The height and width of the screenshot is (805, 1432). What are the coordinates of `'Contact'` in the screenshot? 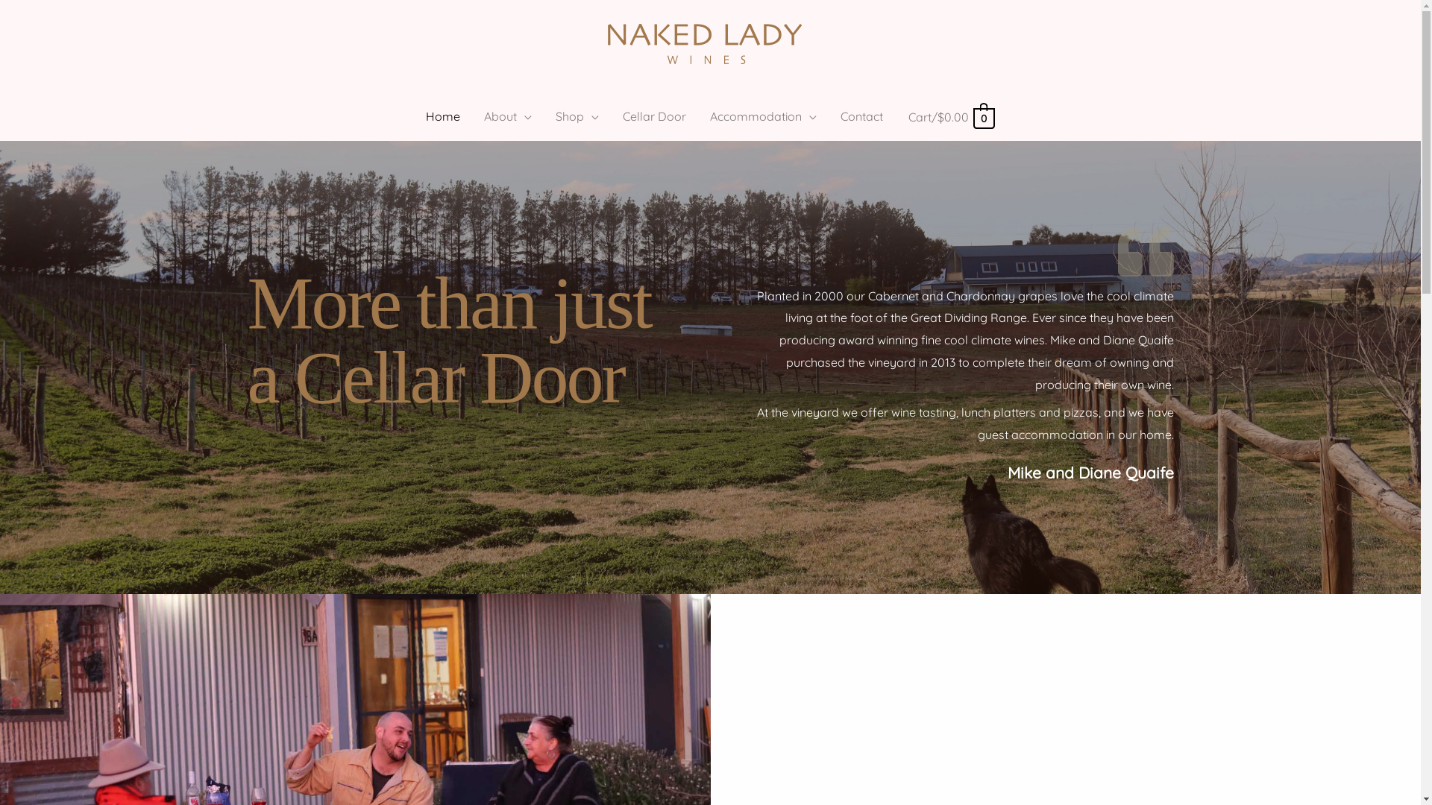 It's located at (861, 115).